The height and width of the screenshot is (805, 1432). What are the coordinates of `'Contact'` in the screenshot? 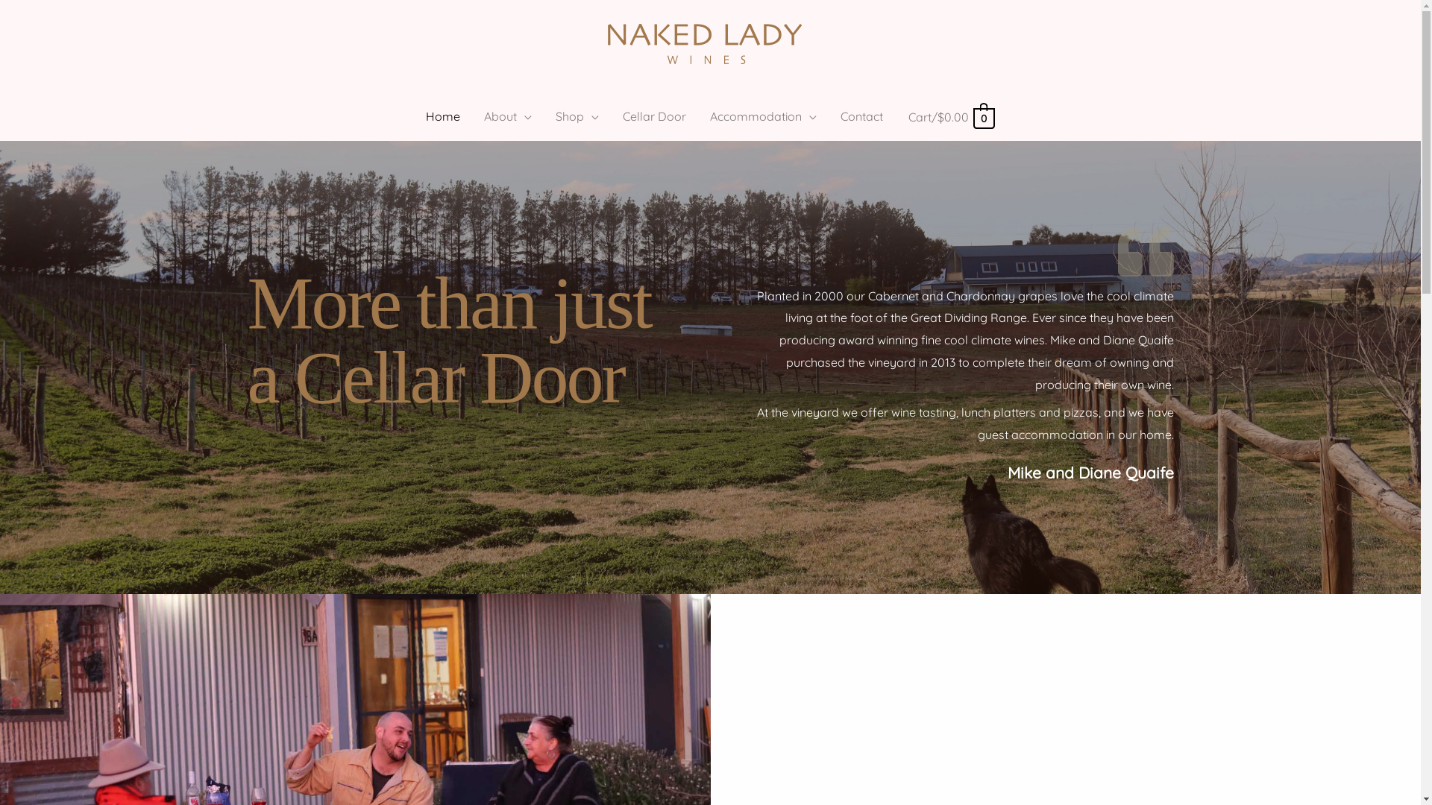 It's located at (861, 115).